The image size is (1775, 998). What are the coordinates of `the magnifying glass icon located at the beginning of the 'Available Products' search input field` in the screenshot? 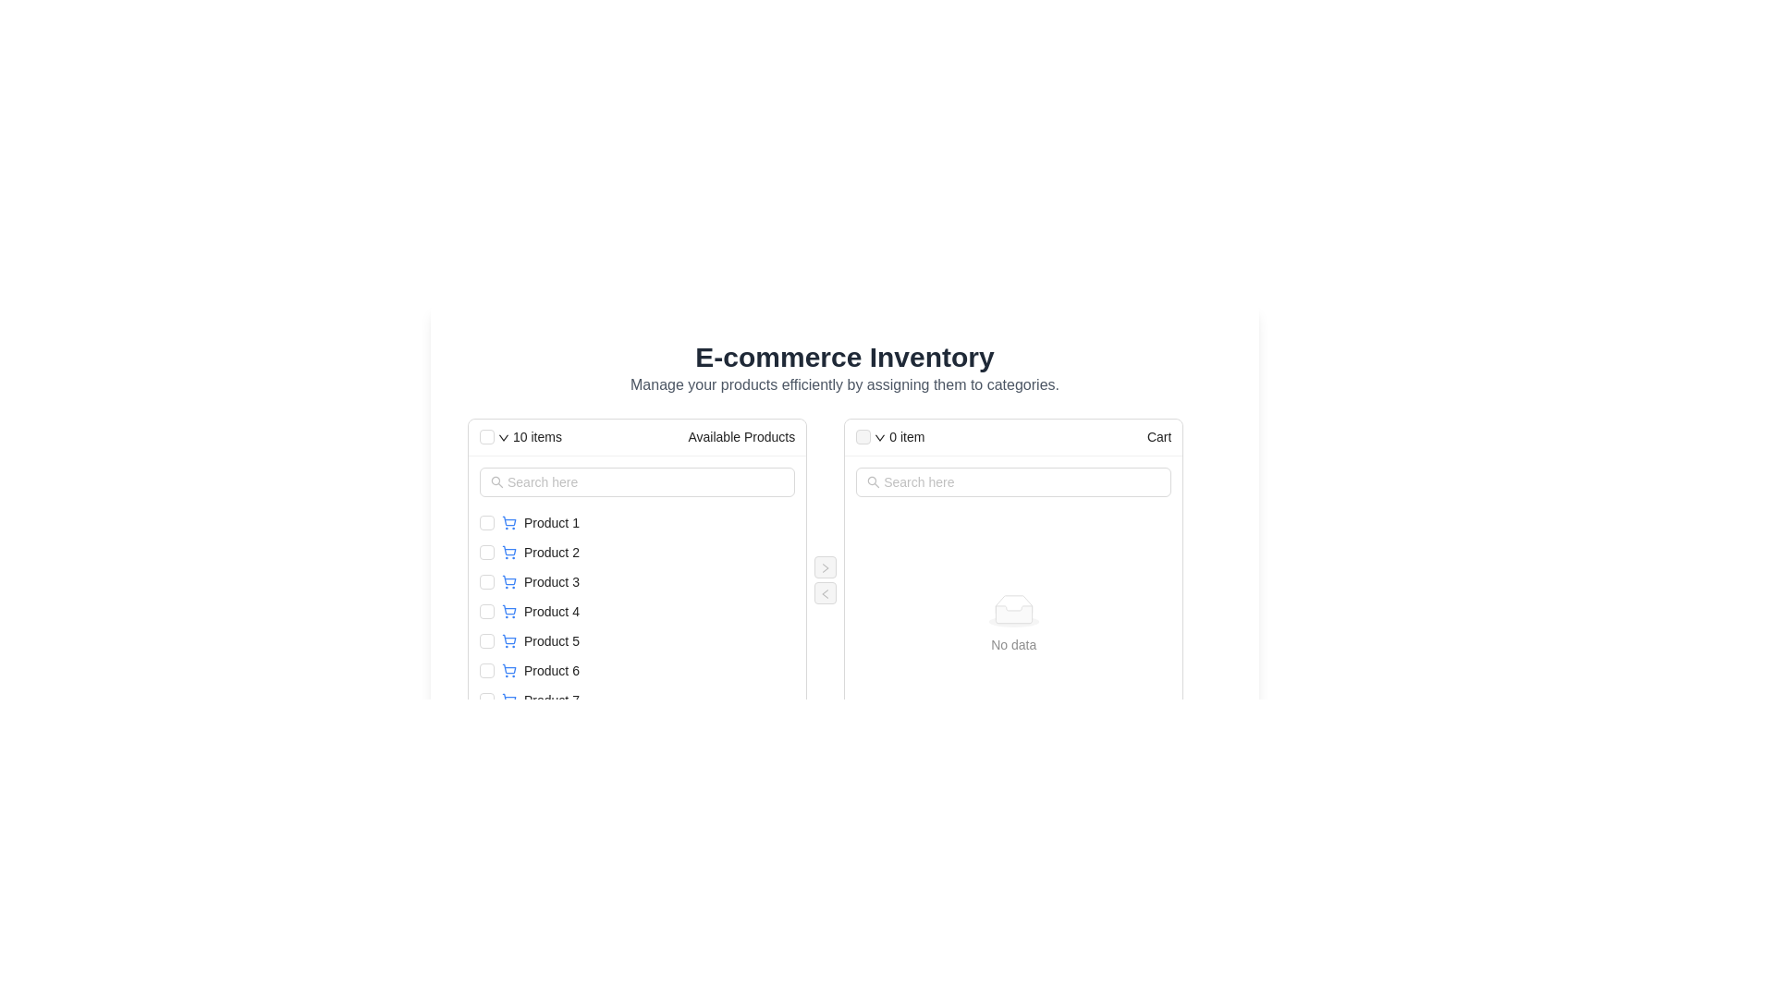 It's located at (496, 481).